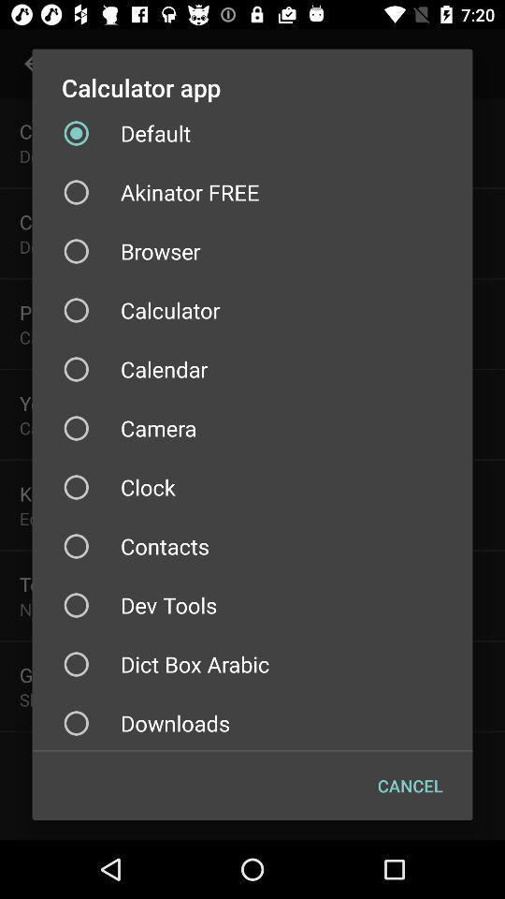 The height and width of the screenshot is (899, 505). What do you see at coordinates (409, 786) in the screenshot?
I see `item below downloads item` at bounding box center [409, 786].